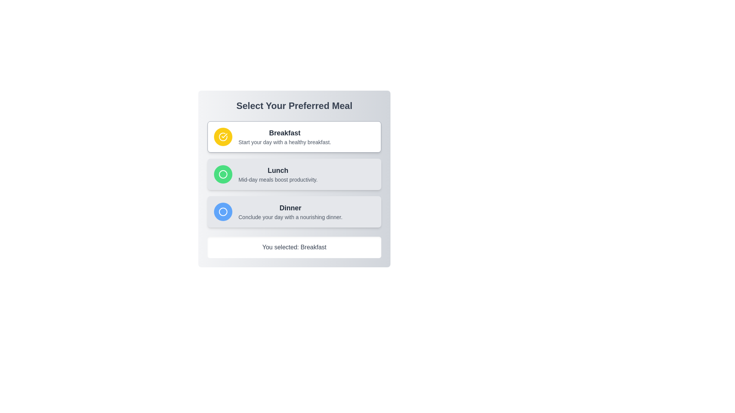  What do you see at coordinates (290, 217) in the screenshot?
I see `the text label that reads 'Conclude your day with a nourishing dinner.' which is styled with smaller gray font and positioned as a subtext under the 'Dinner' heading` at bounding box center [290, 217].